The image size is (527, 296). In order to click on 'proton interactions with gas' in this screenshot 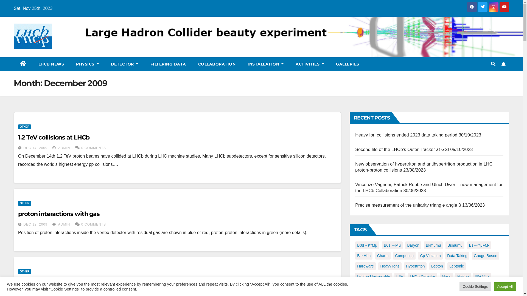, I will do `click(59, 214)`.